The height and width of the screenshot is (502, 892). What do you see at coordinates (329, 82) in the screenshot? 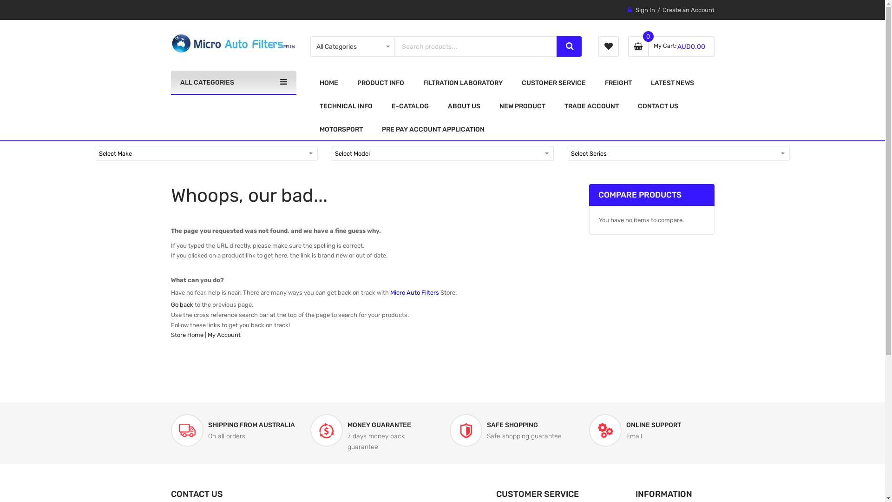
I see `'HOME'` at bounding box center [329, 82].